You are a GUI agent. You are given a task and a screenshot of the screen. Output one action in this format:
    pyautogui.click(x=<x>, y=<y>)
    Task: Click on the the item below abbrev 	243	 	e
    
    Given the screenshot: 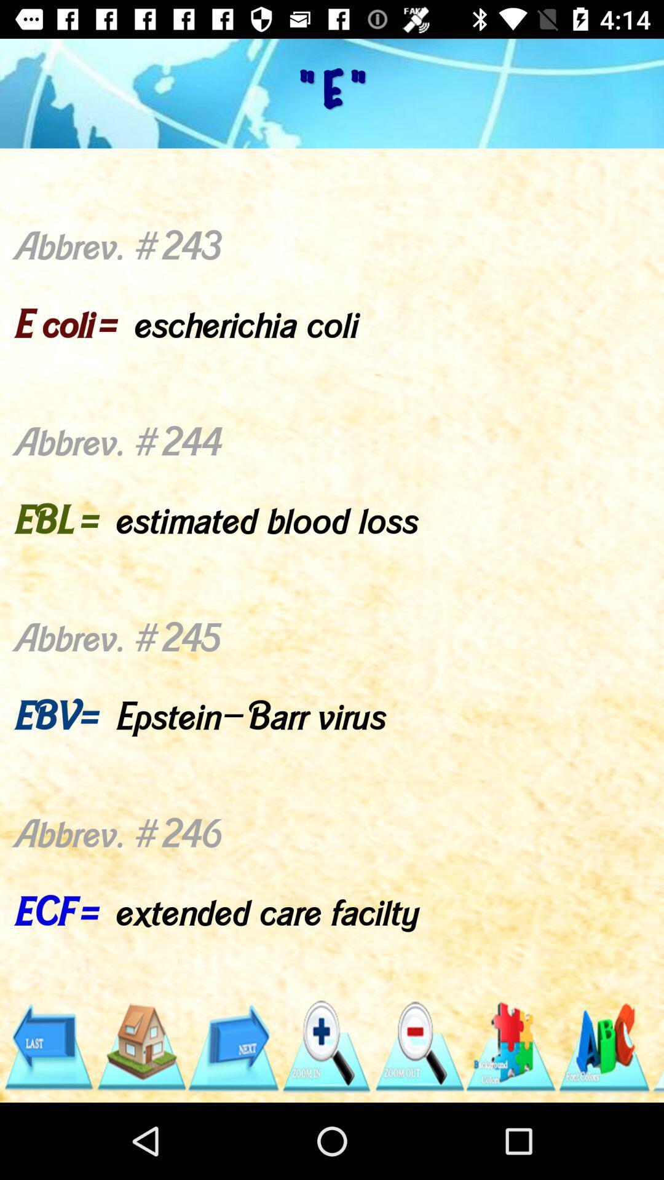 What is the action you would take?
    pyautogui.click(x=325, y=1046)
    